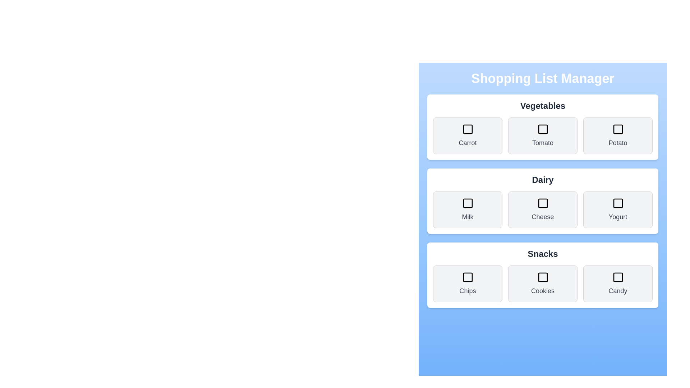 The height and width of the screenshot is (388, 690). What do you see at coordinates (543, 106) in the screenshot?
I see `the category title of the section Vegetables` at bounding box center [543, 106].